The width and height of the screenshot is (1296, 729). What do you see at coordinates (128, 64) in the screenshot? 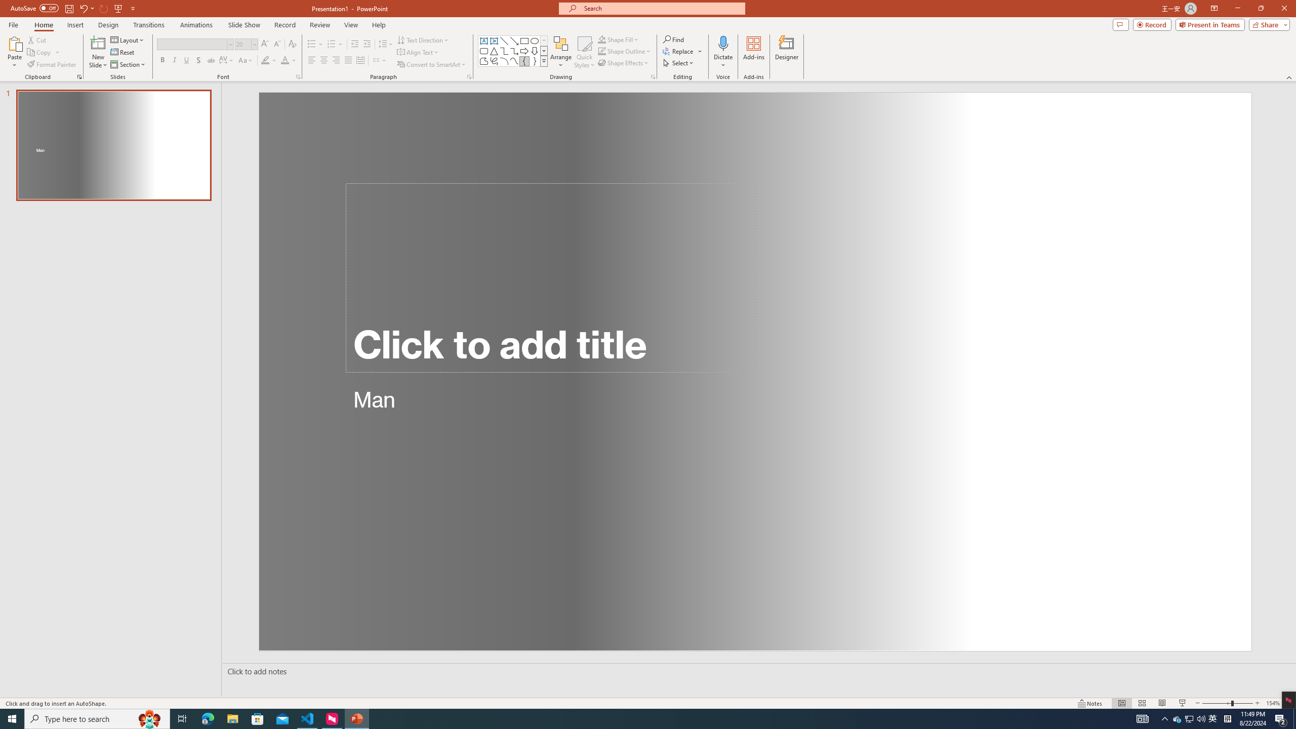
I see `'Section'` at bounding box center [128, 64].